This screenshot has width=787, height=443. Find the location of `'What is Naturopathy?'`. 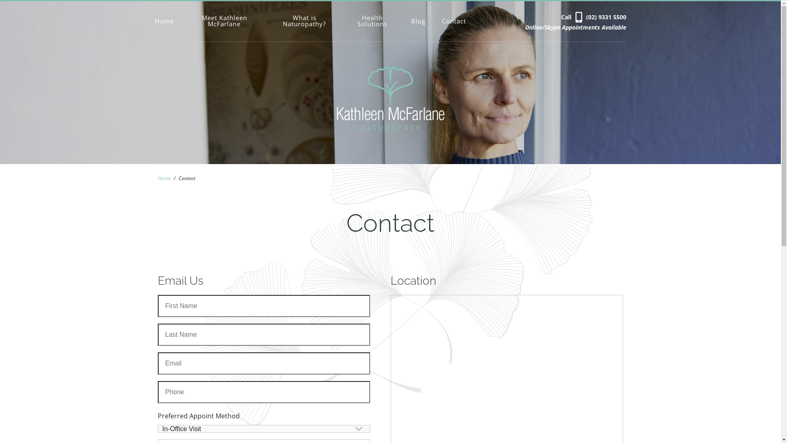

'What is Naturopathy?' is located at coordinates (304, 20).